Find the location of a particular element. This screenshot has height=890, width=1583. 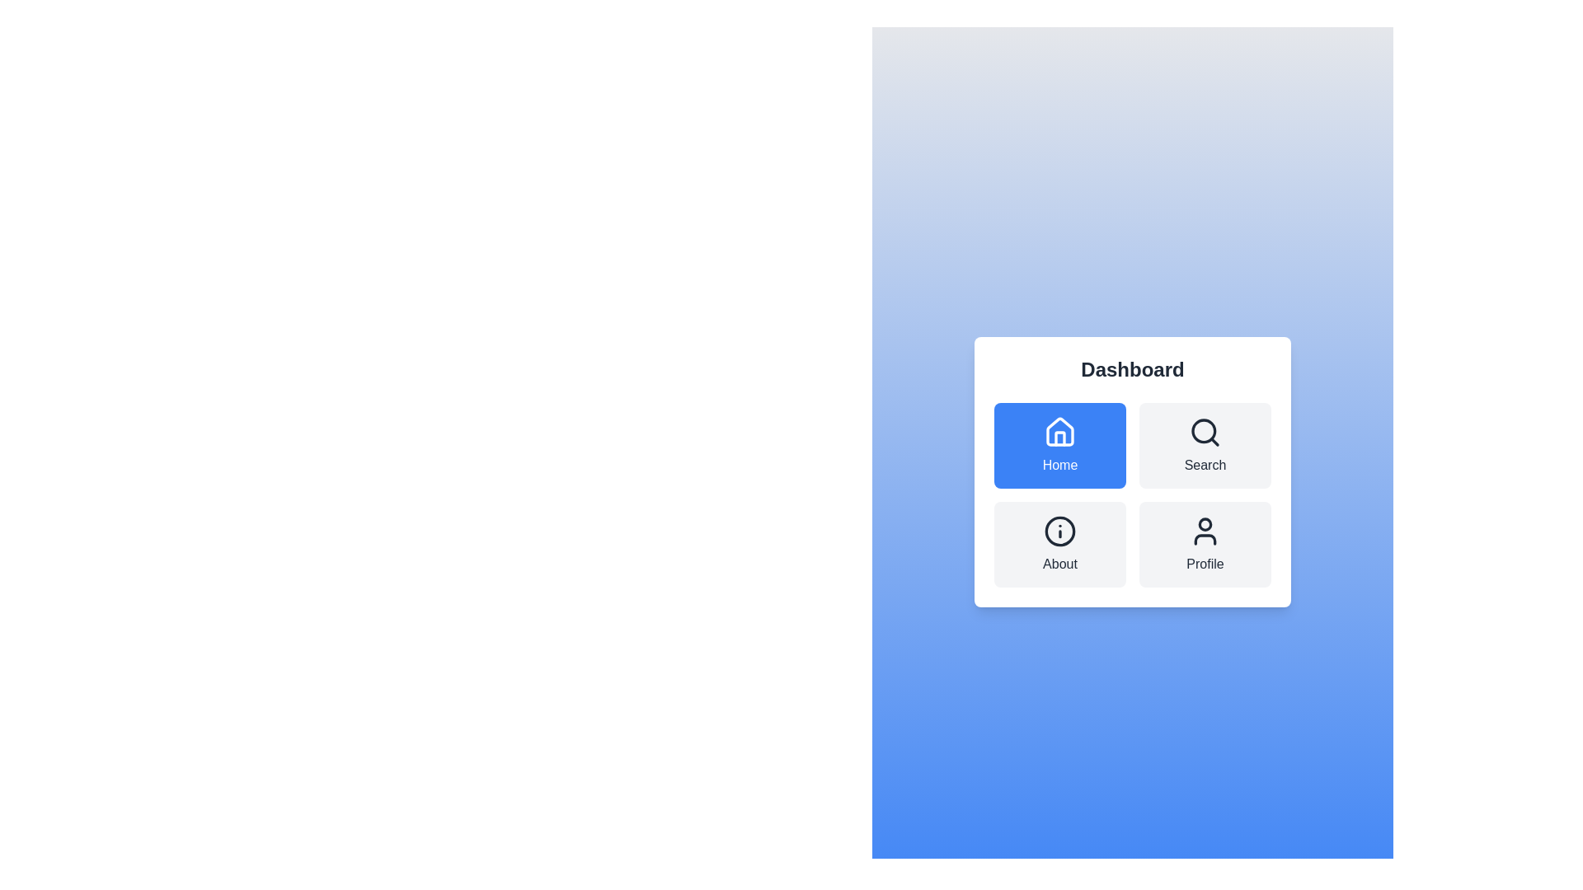

the 'Home' icon located in the top-left position of the button grid under the 'Dashboard' title is located at coordinates (1060, 438).